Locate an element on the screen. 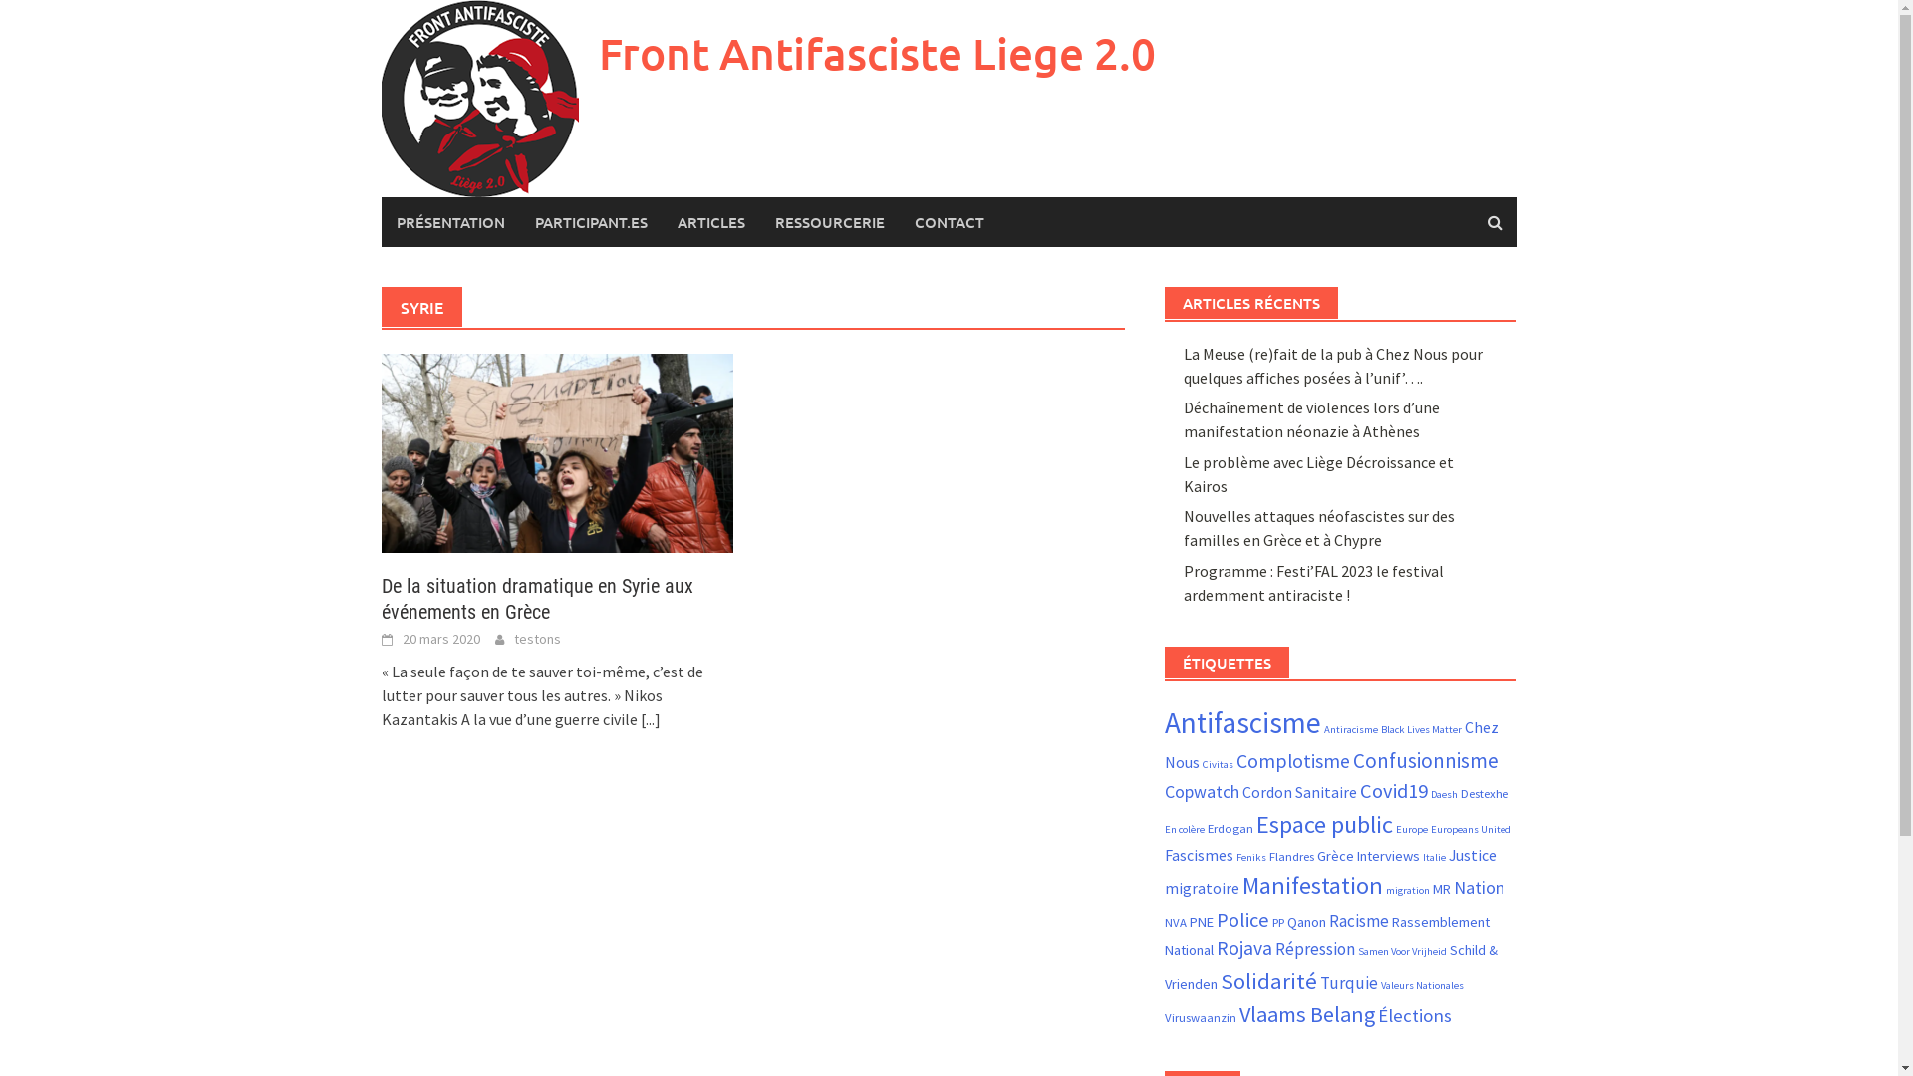  'Europeans United' is located at coordinates (1429, 829).